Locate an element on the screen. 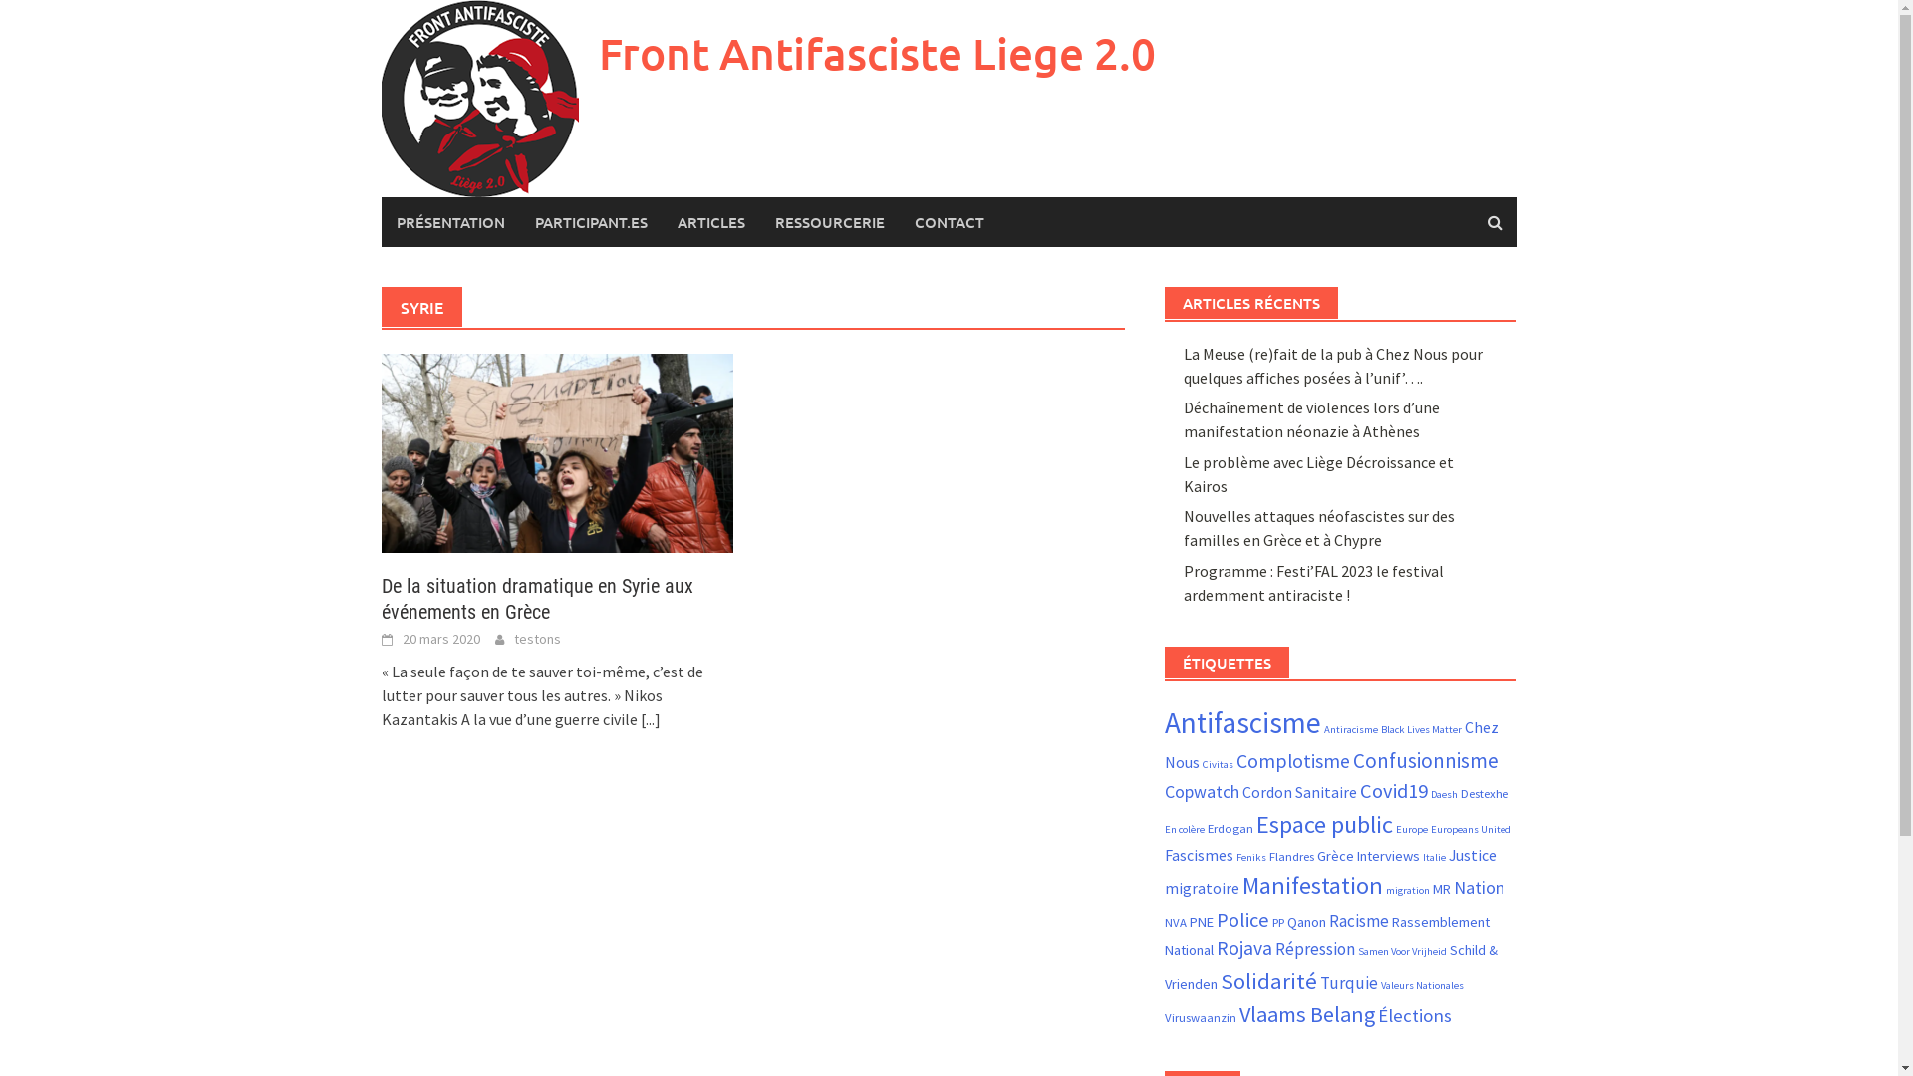  'Europeans United' is located at coordinates (1429, 829).